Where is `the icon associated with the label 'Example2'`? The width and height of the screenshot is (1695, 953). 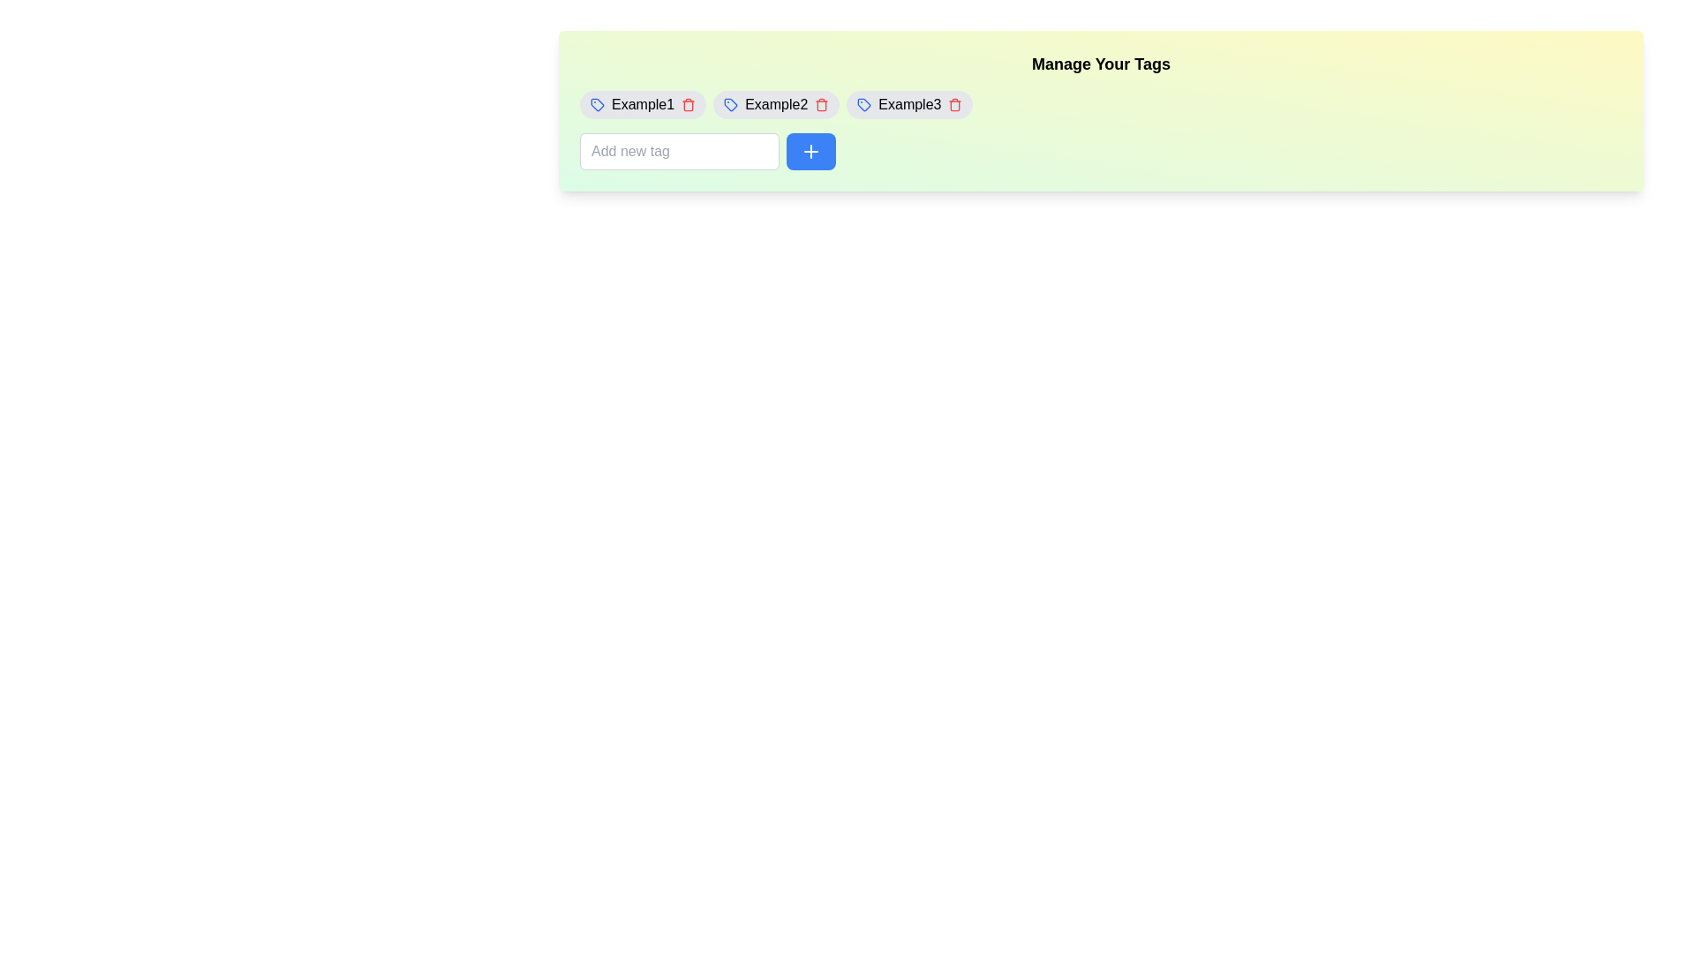 the icon associated with the label 'Example2' is located at coordinates (731, 105).